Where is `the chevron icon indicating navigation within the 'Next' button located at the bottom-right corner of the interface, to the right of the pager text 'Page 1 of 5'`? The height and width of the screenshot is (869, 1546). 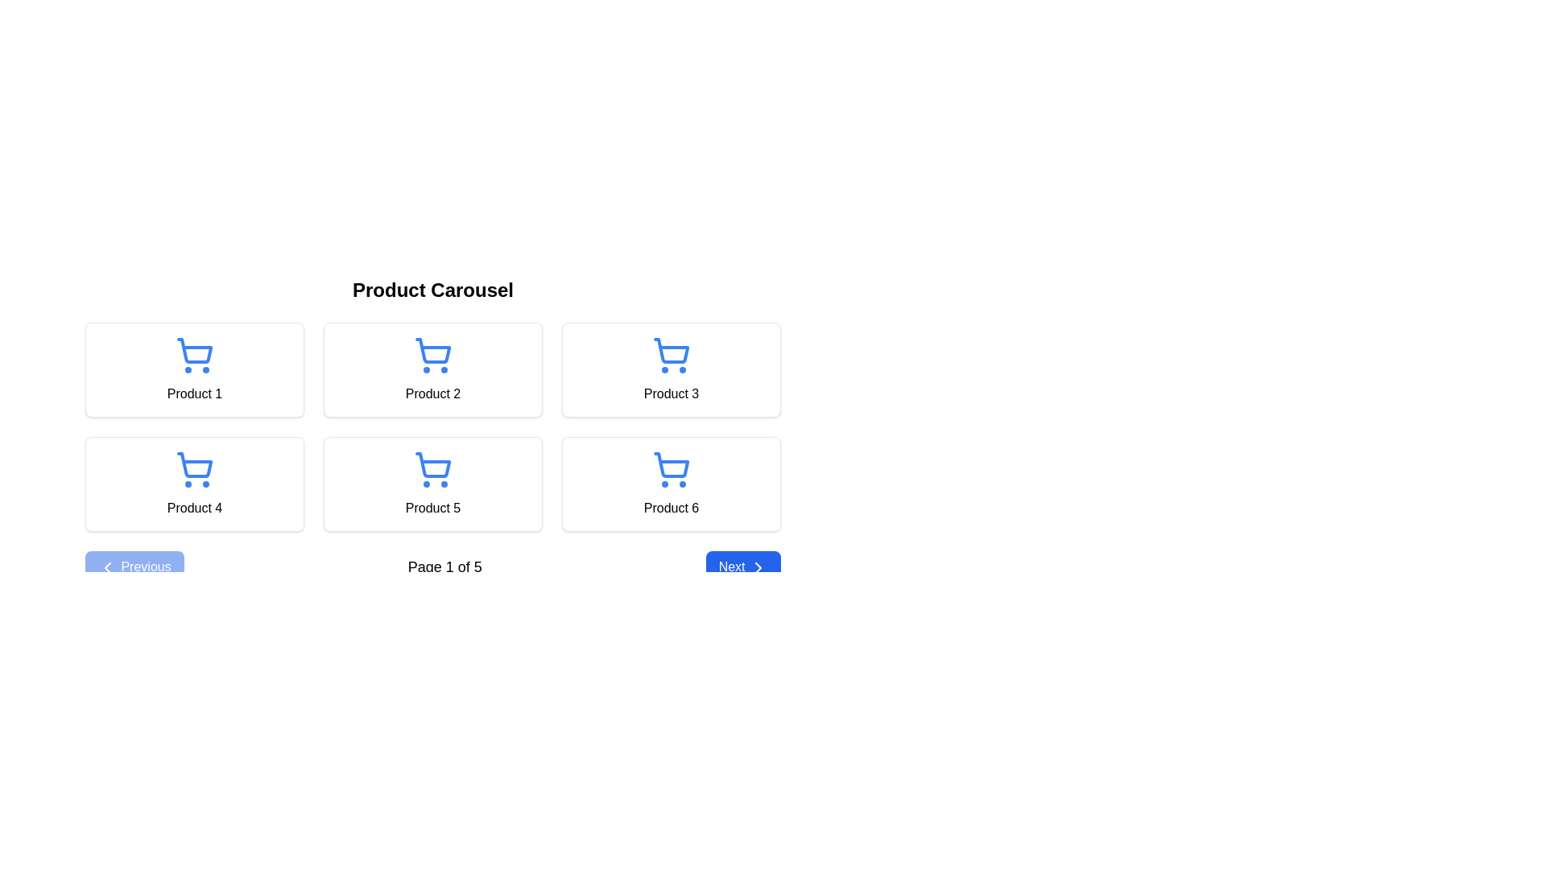 the chevron icon indicating navigation within the 'Next' button located at the bottom-right corner of the interface, to the right of the pager text 'Page 1 of 5' is located at coordinates (757, 566).